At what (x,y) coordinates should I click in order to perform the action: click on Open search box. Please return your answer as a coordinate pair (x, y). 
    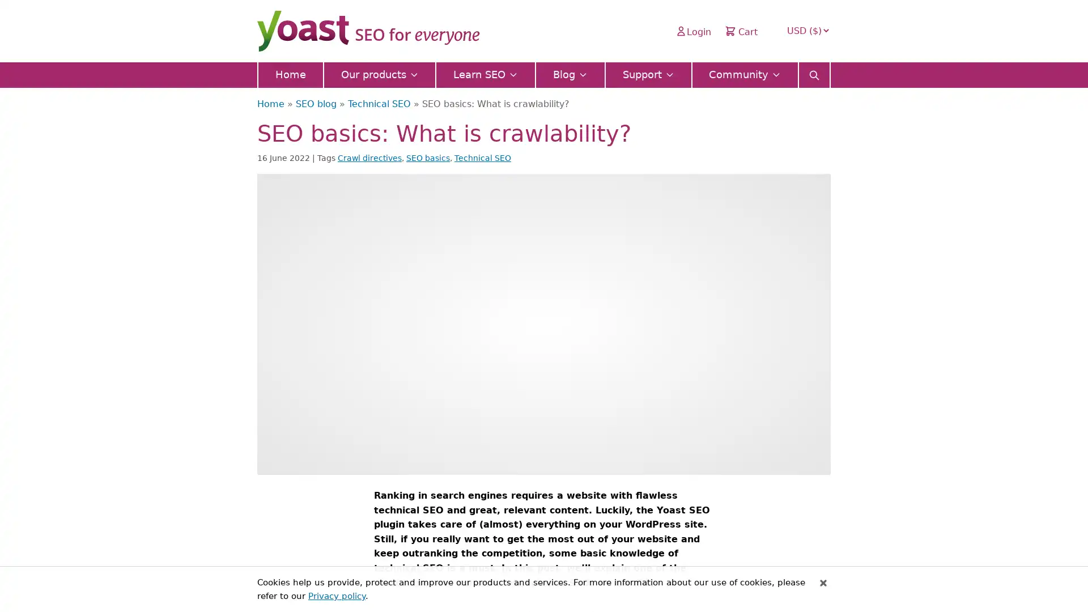
    Looking at the image, I should click on (813, 71).